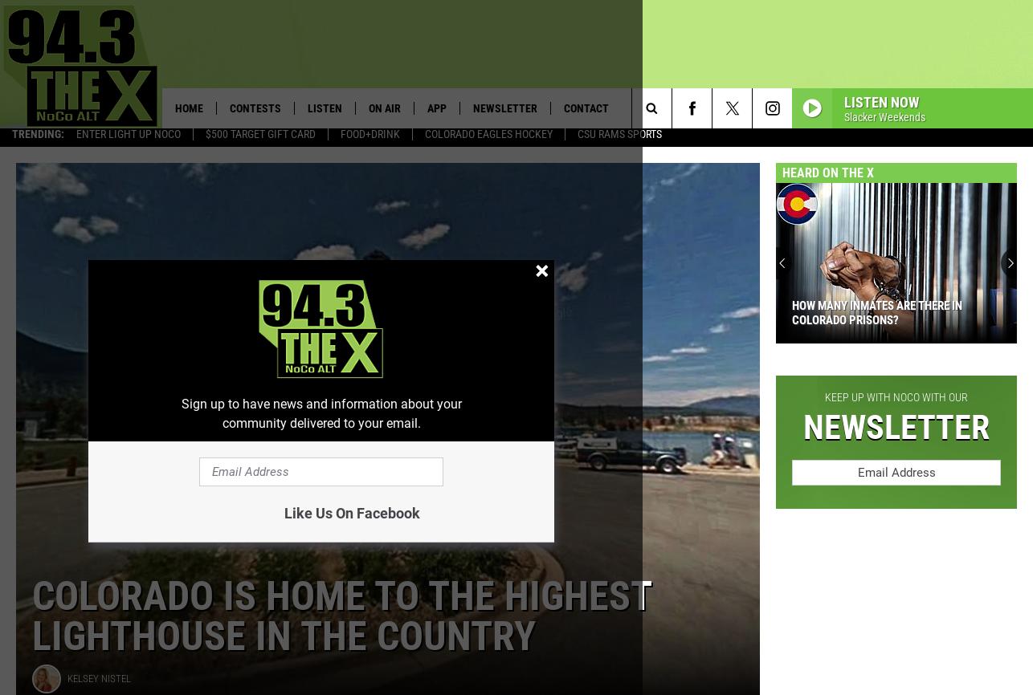 This screenshot has width=1033, height=695. Describe the element at coordinates (435, 108) in the screenshot. I see `'App'` at that location.